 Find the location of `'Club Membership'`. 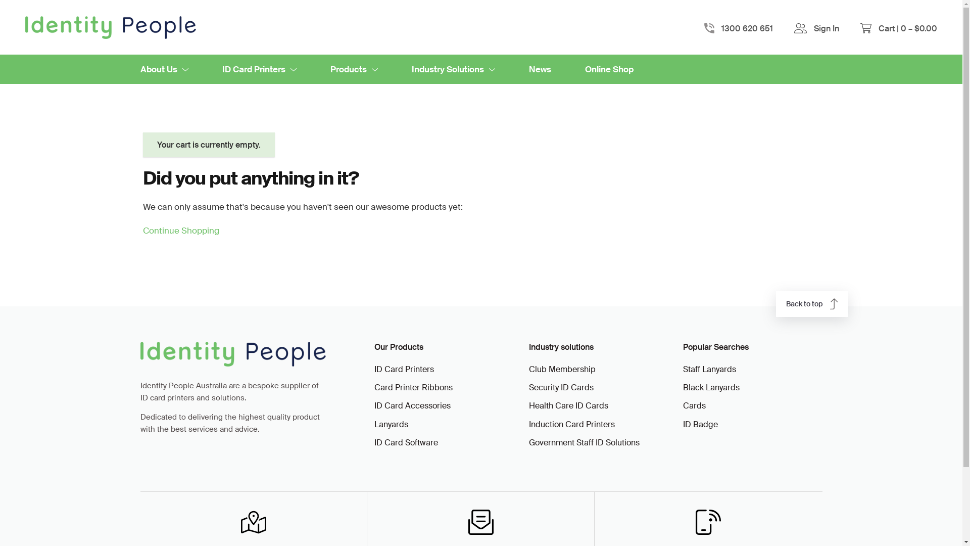

'Club Membership' is located at coordinates (596, 370).